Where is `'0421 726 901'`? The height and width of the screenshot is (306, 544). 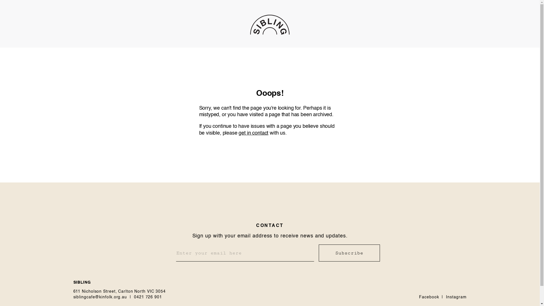
'0421 726 901' is located at coordinates (148, 297).